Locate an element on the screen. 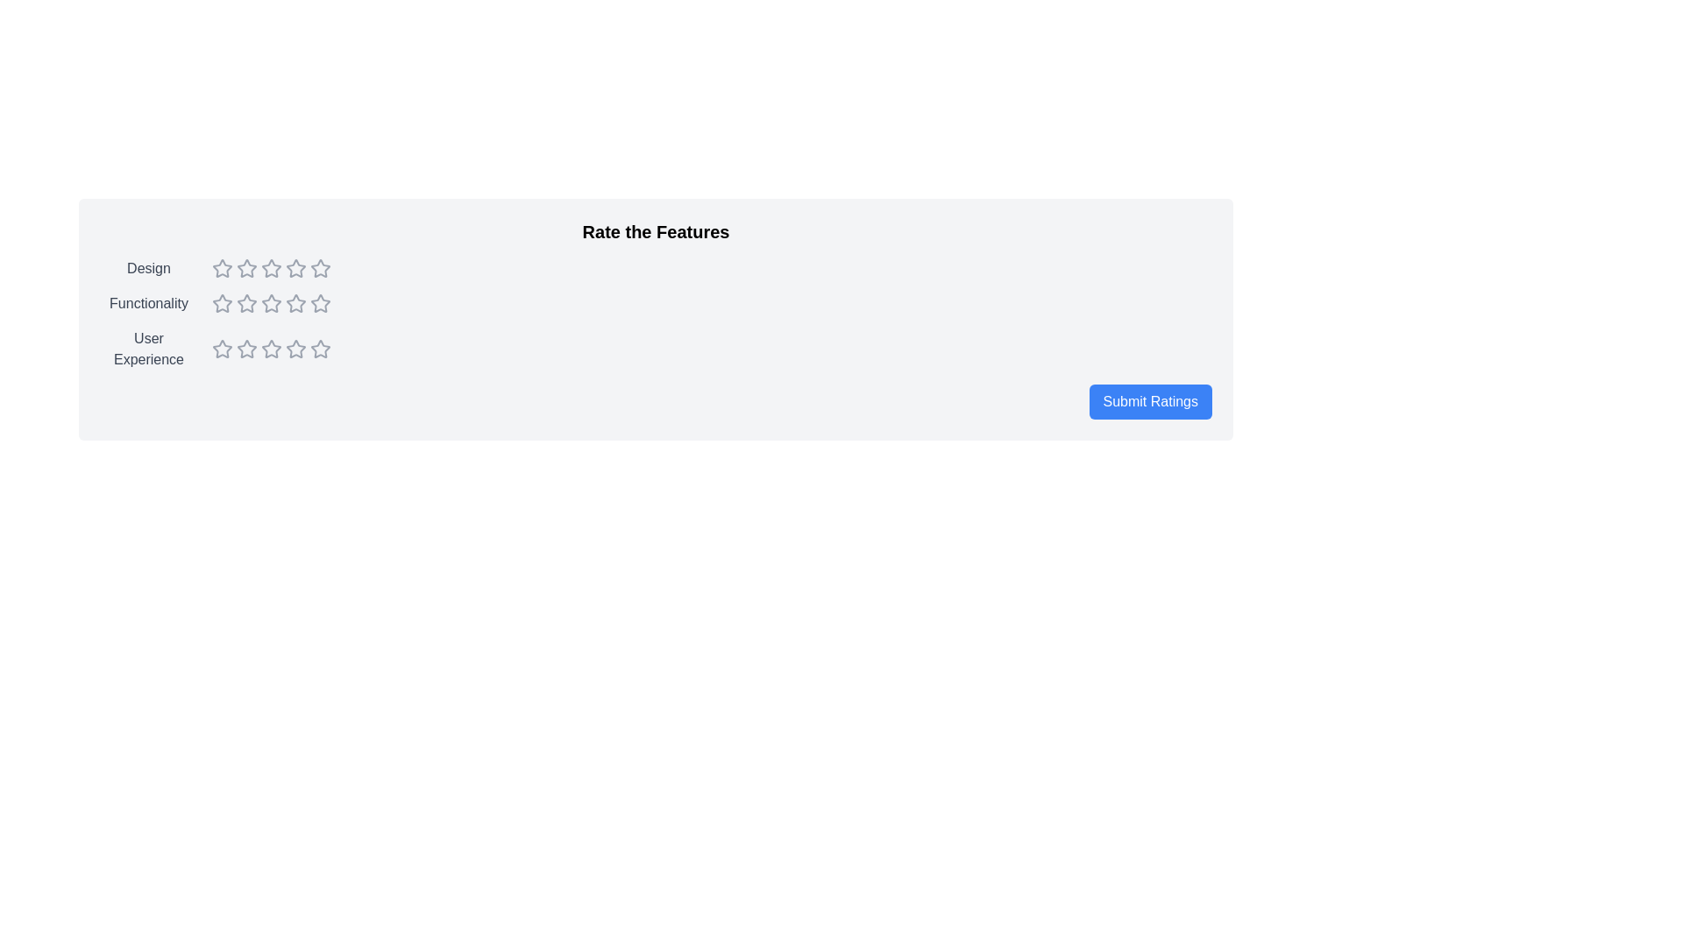 The height and width of the screenshot is (946, 1683). the fourth star icon in the rating scale is located at coordinates (320, 303).